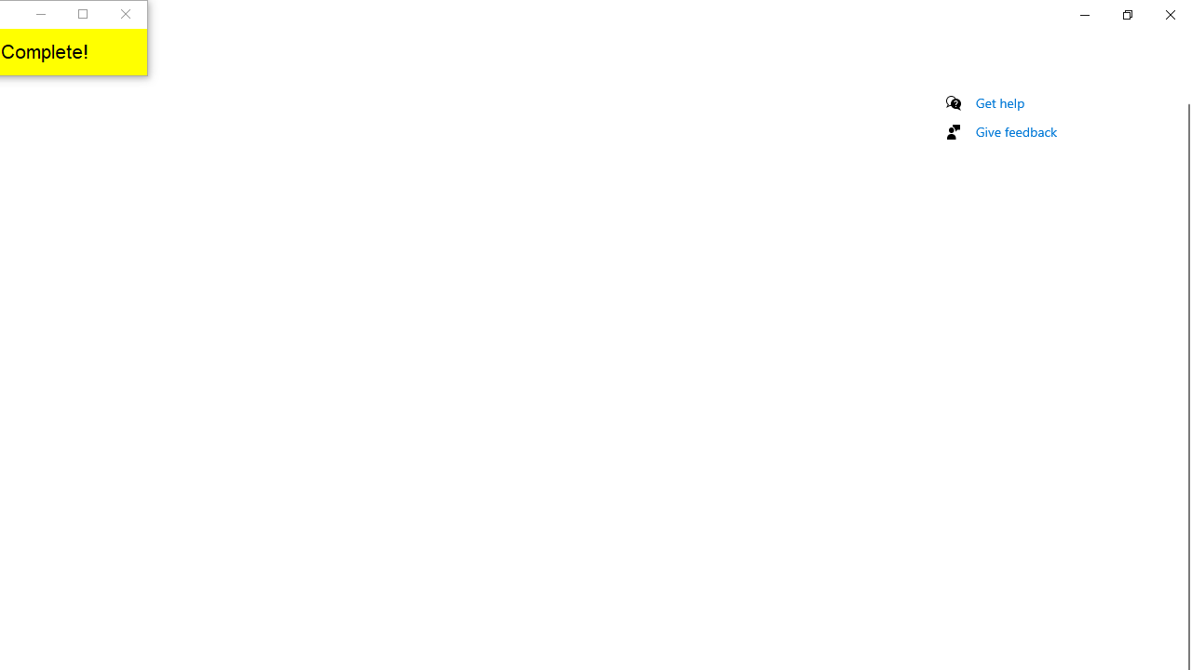  Describe the element at coordinates (1084, 14) in the screenshot. I see `'Minimize Settings'` at that location.